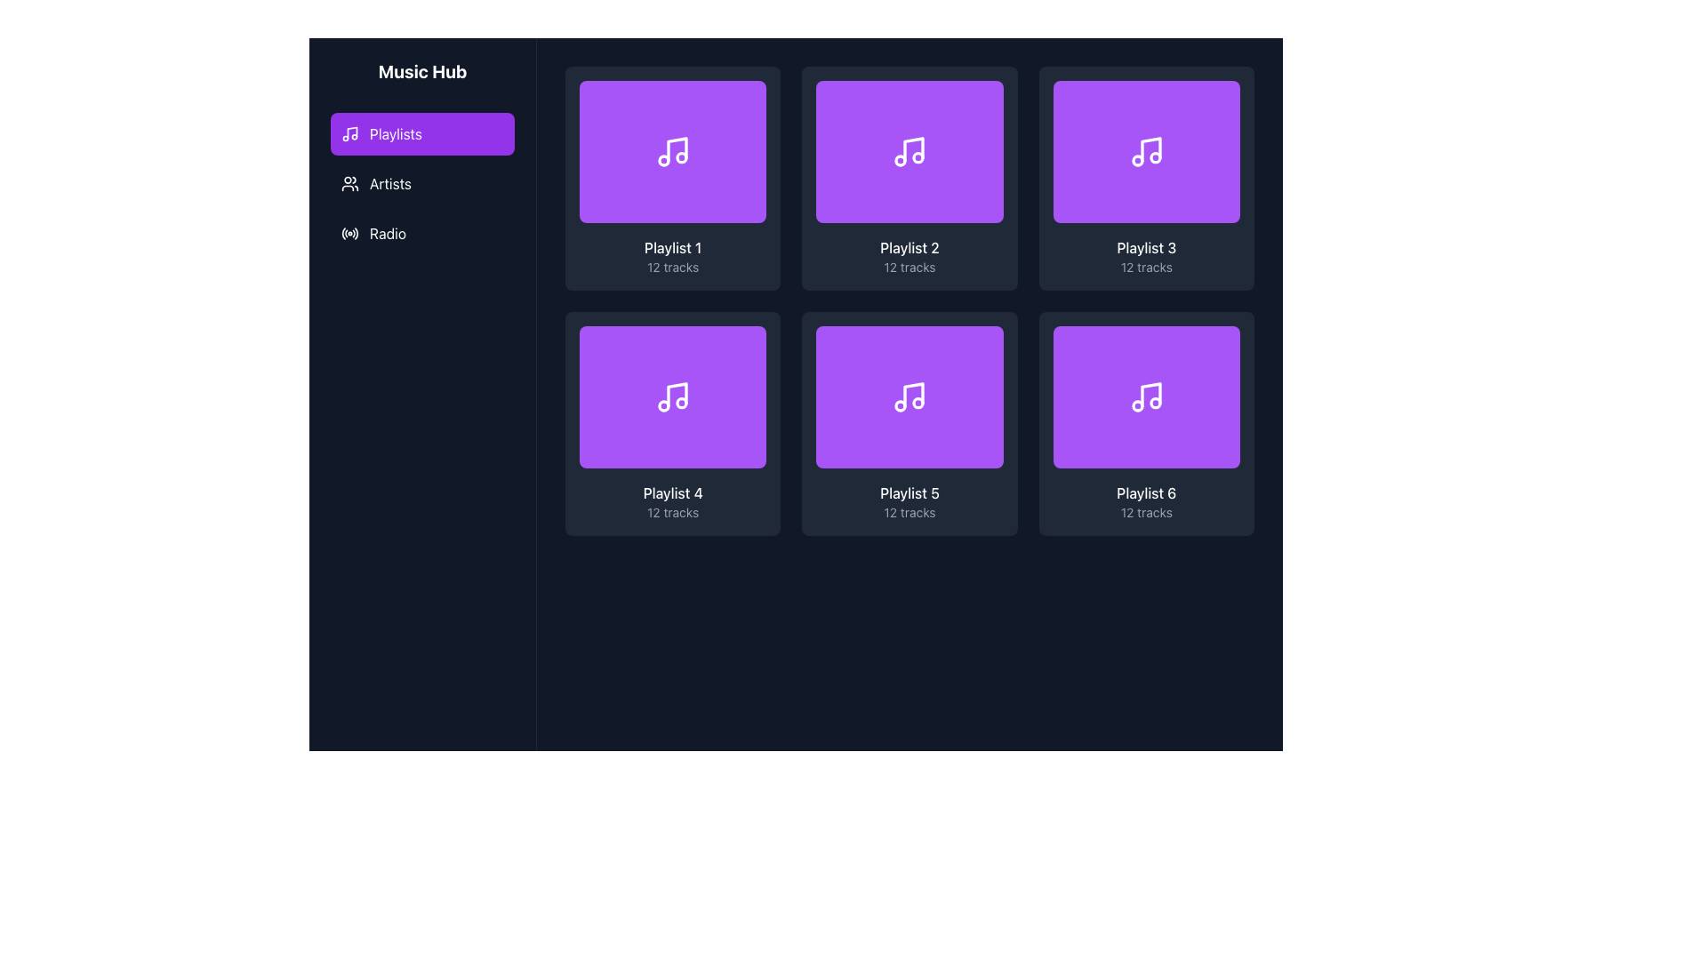 The height and width of the screenshot is (960, 1707). What do you see at coordinates (663, 405) in the screenshot?
I see `the circular graphical decoration located in the bottom-left area of the music note icon representing the 'Playlist 4' item in the grid layout` at bounding box center [663, 405].